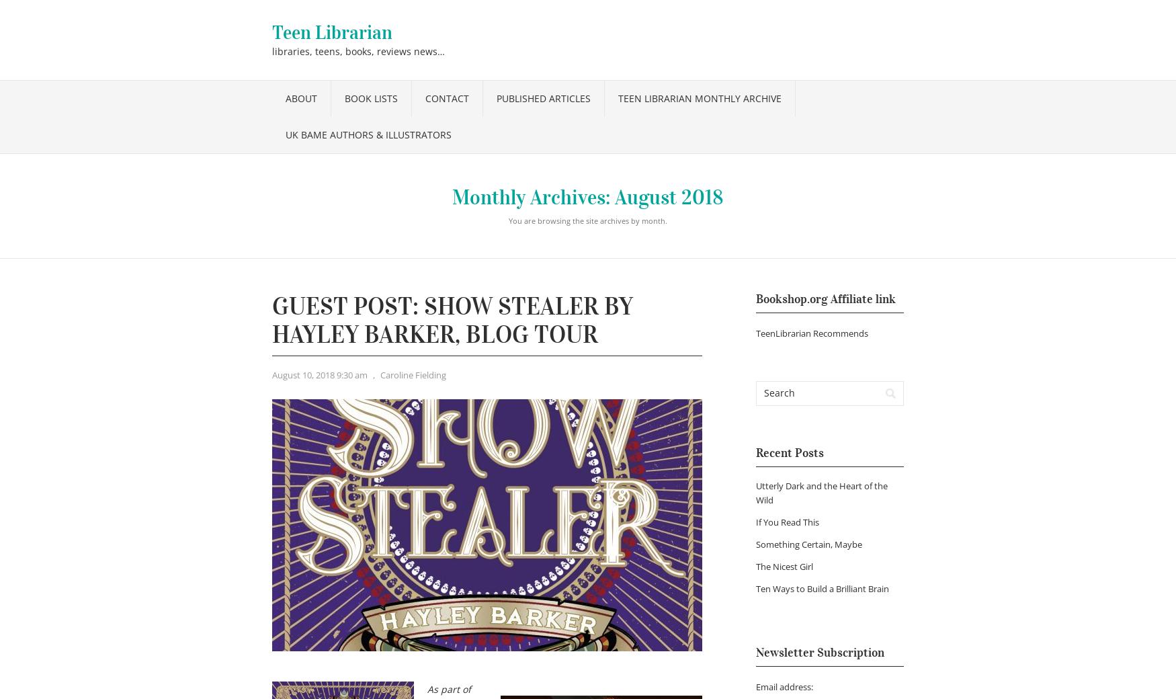 This screenshot has width=1176, height=699. What do you see at coordinates (271, 32) in the screenshot?
I see `'Teen Librarian'` at bounding box center [271, 32].